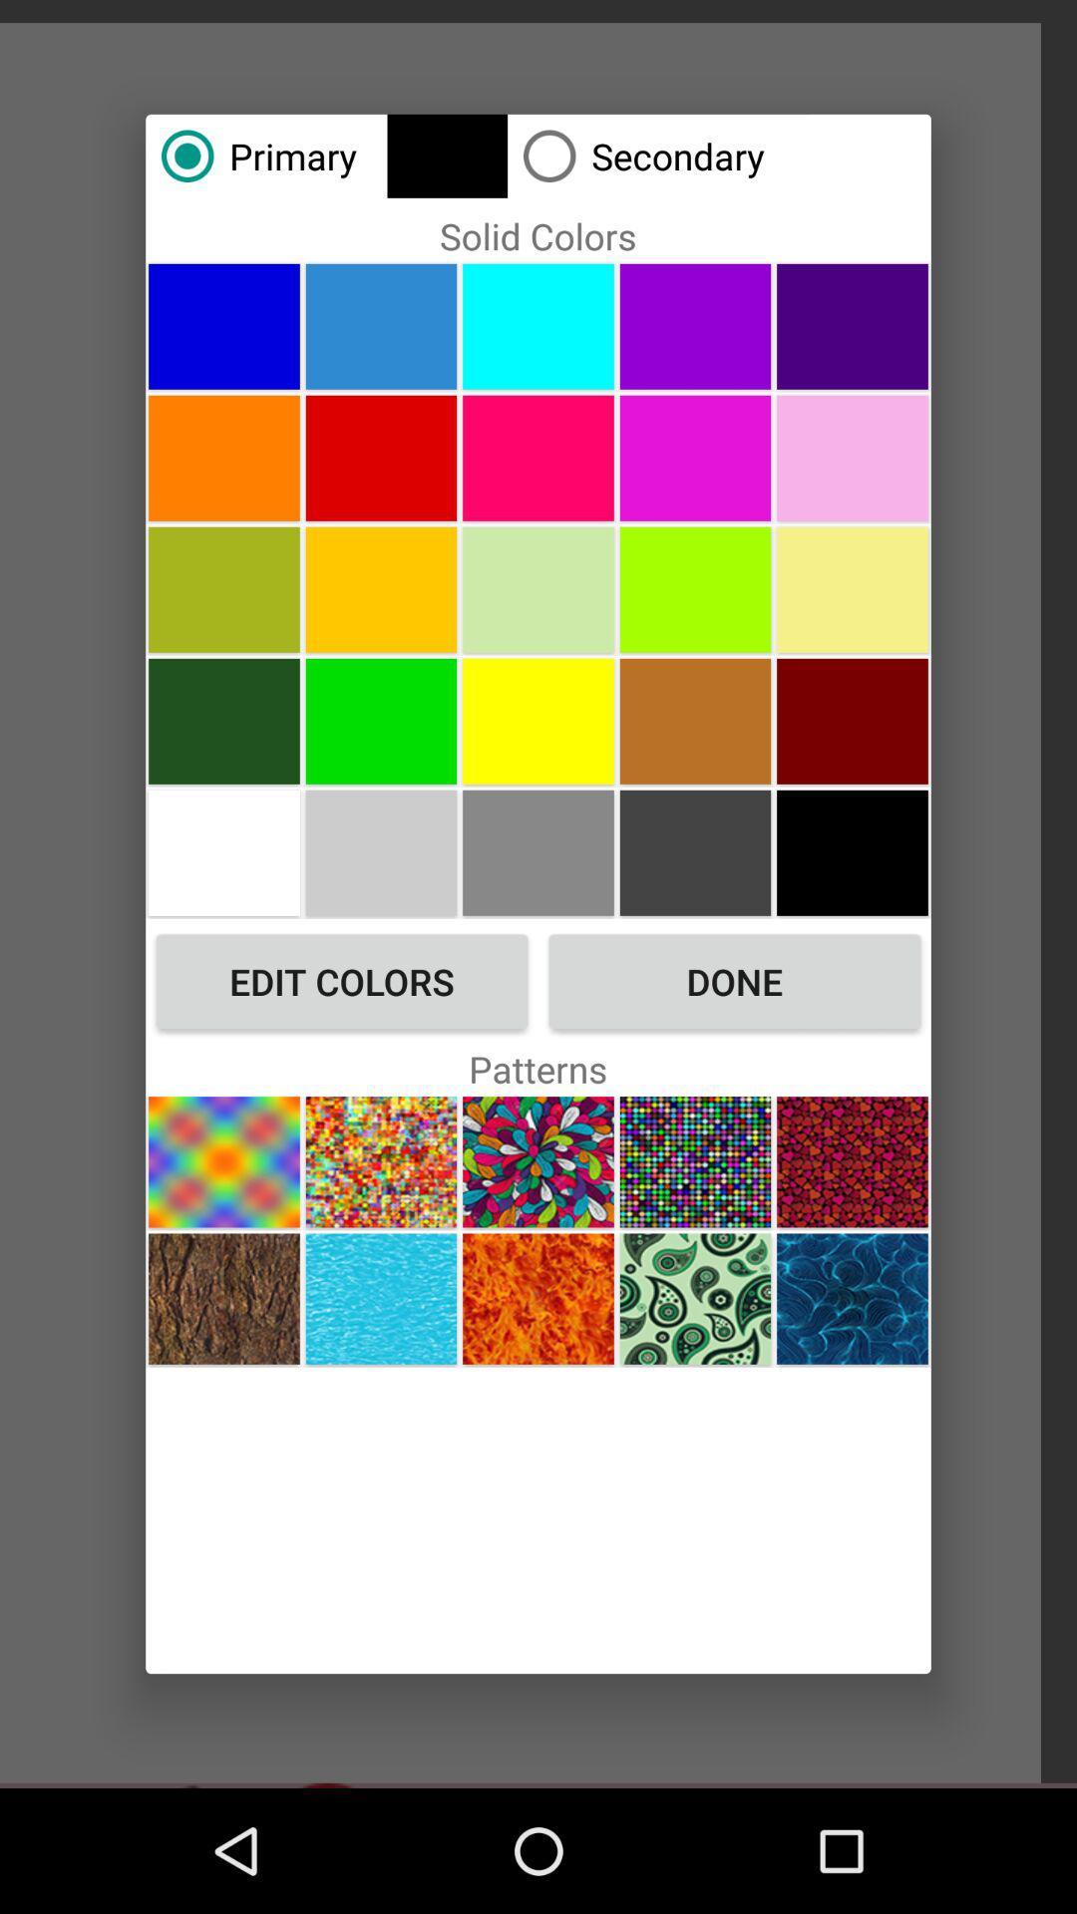  Describe the element at coordinates (381, 1161) in the screenshot. I see `choose pattern` at that location.